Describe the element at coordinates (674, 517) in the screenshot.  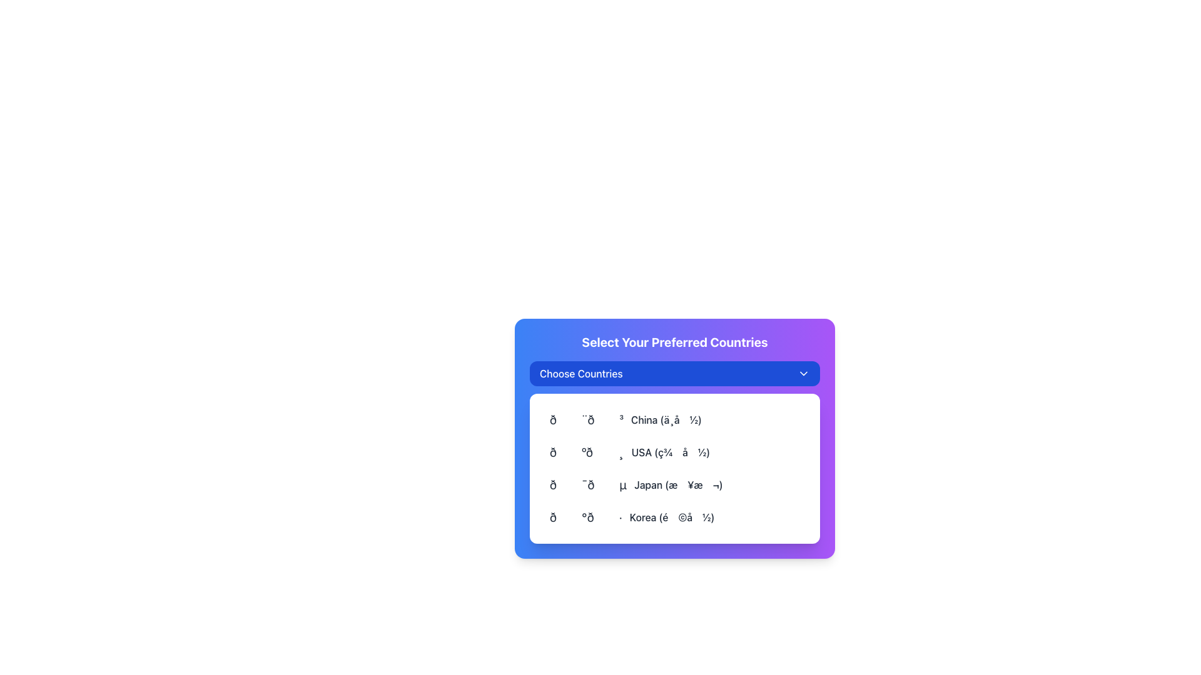
I see `the list item labeled 'Korea', which is the fourth item in the vertical list under 'Select Your Preferred Countries'` at that location.